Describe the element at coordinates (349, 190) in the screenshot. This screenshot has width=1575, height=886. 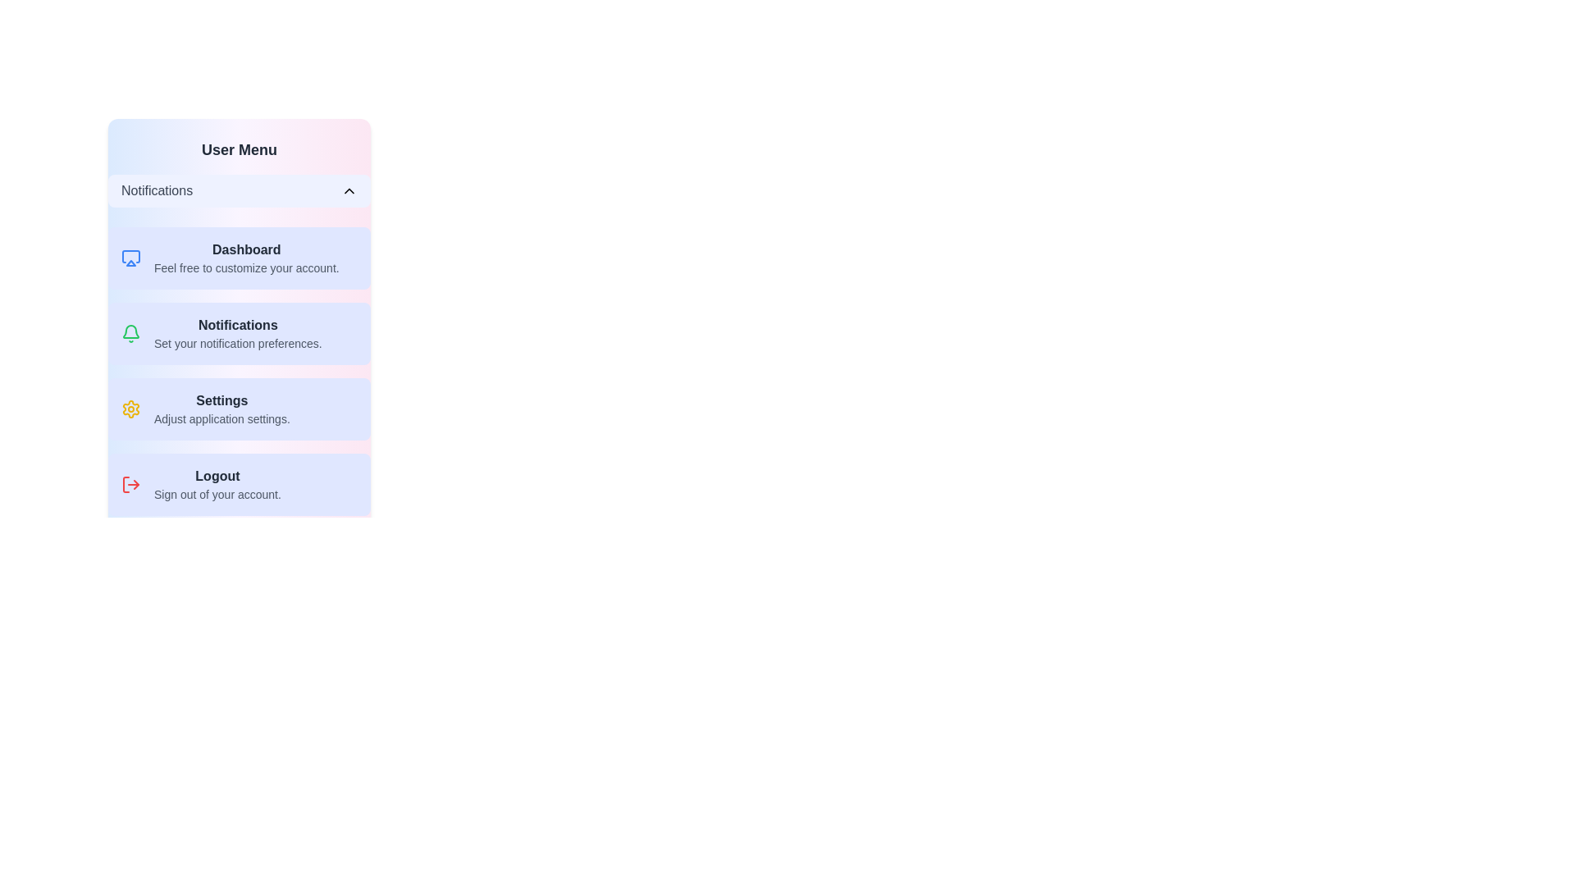
I see `the toggle button to observe its icon change` at that location.